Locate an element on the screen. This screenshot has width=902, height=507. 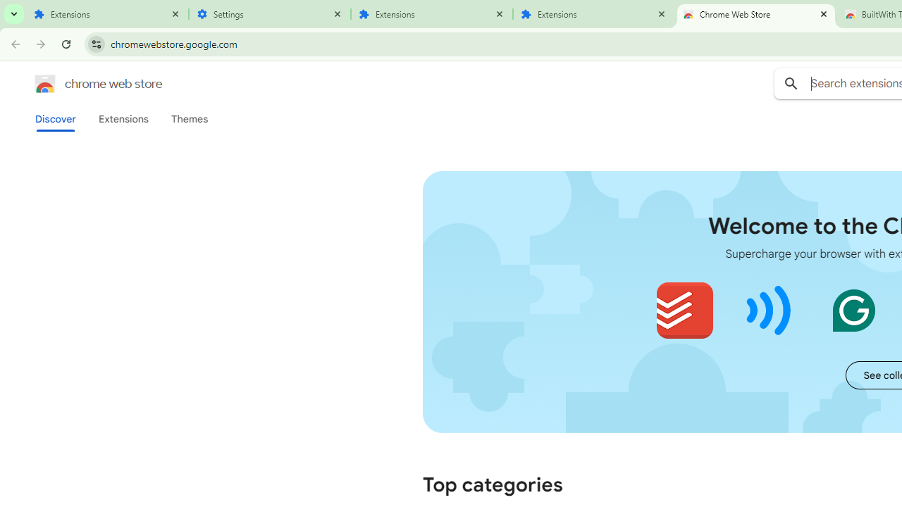
'Themes' is located at coordinates (189, 118).